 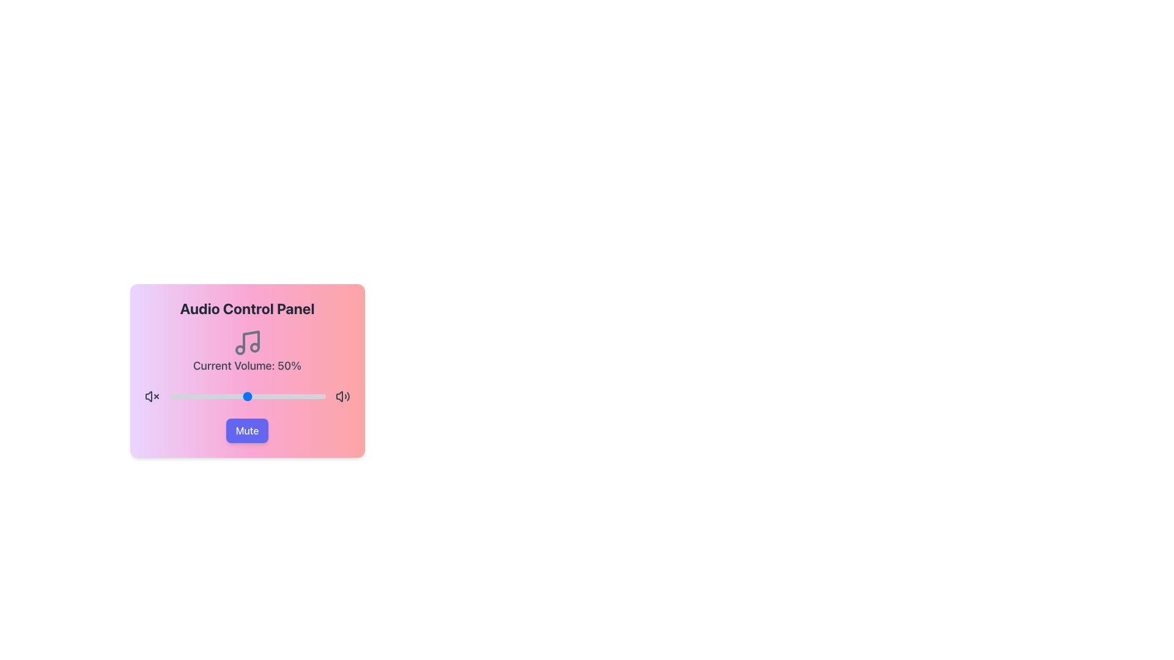 What do you see at coordinates (246, 351) in the screenshot?
I see `the static text indicating the current volume level of 50% within the 'Audio Control Panel'. This element is positioned beneath the title and above the volume slider` at bounding box center [246, 351].